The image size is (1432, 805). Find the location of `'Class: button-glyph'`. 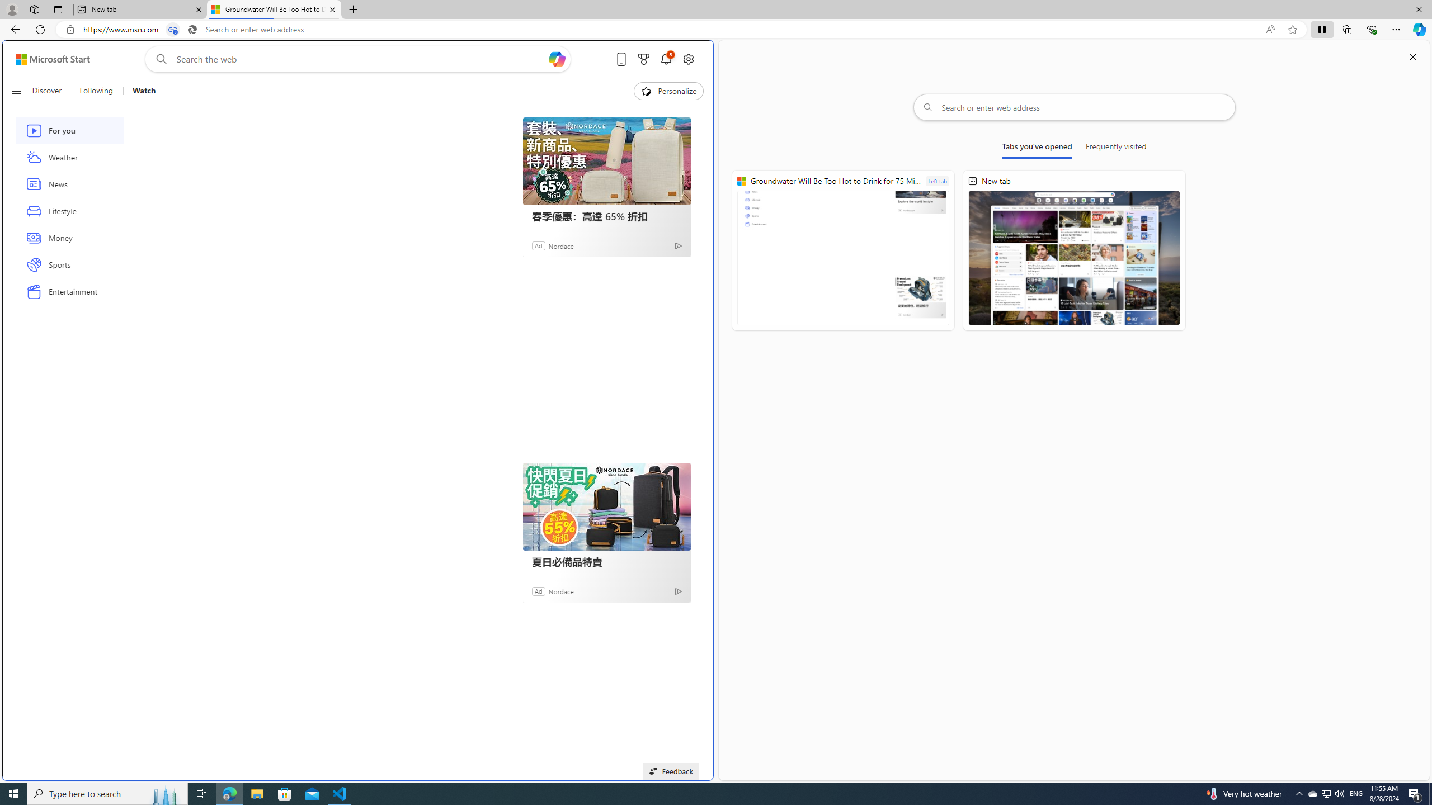

'Class: button-glyph' is located at coordinates (16, 91).